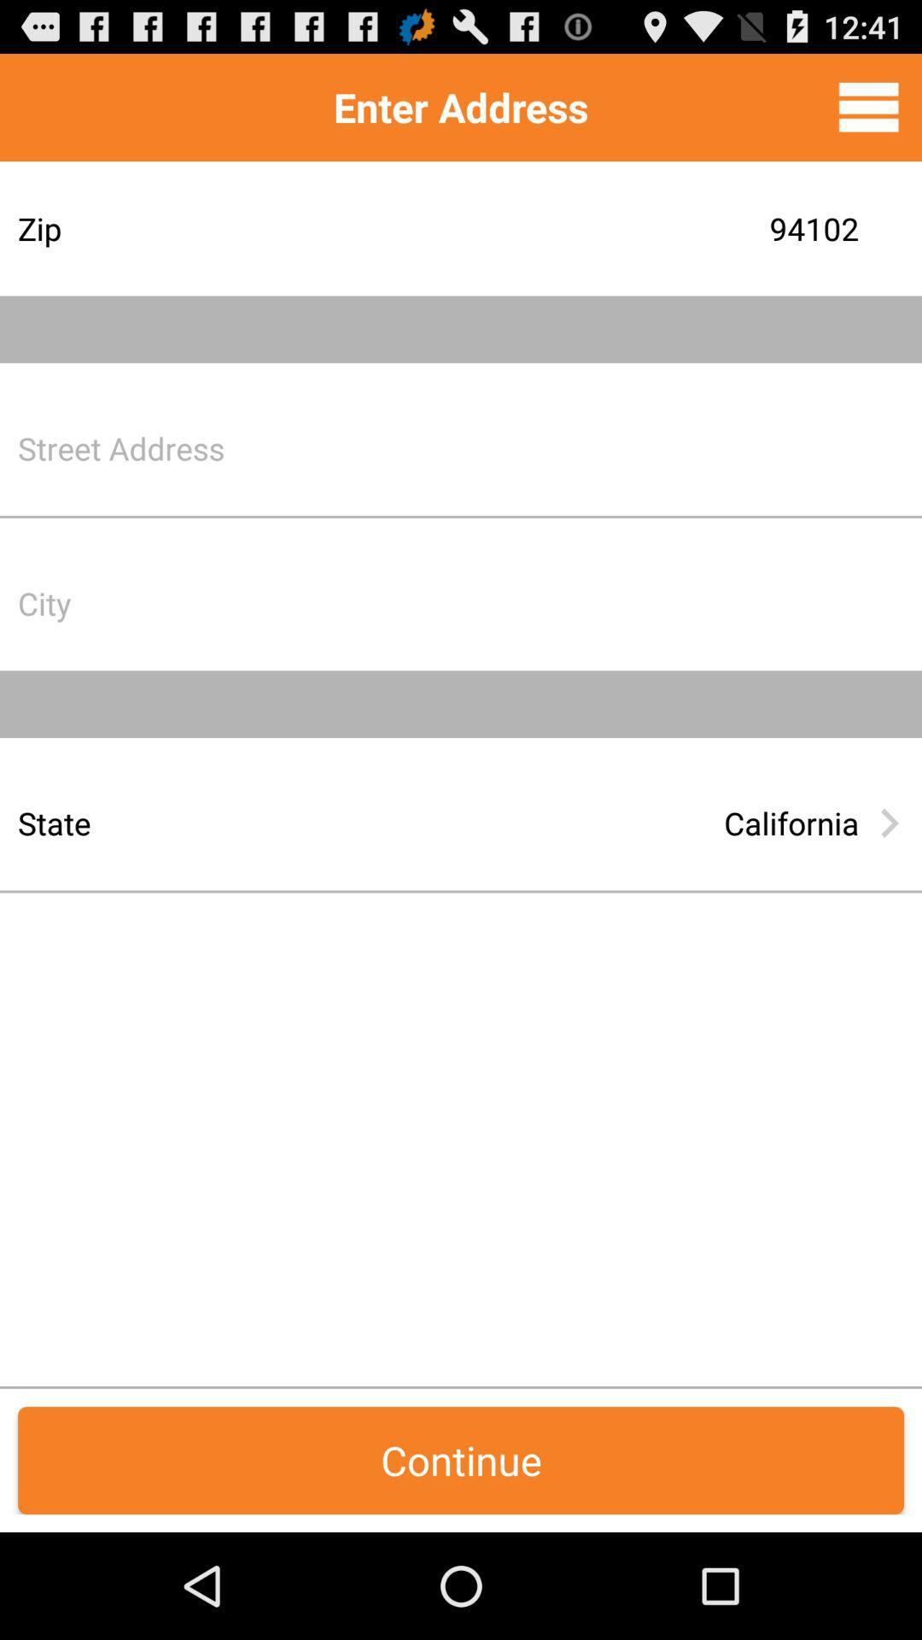  Describe the element at coordinates (461, 1459) in the screenshot. I see `the continue item` at that location.